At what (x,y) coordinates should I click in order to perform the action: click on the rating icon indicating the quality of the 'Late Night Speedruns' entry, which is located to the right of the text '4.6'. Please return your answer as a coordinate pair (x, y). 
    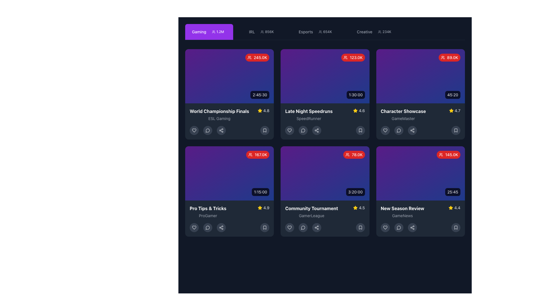
    Looking at the image, I should click on (355, 111).